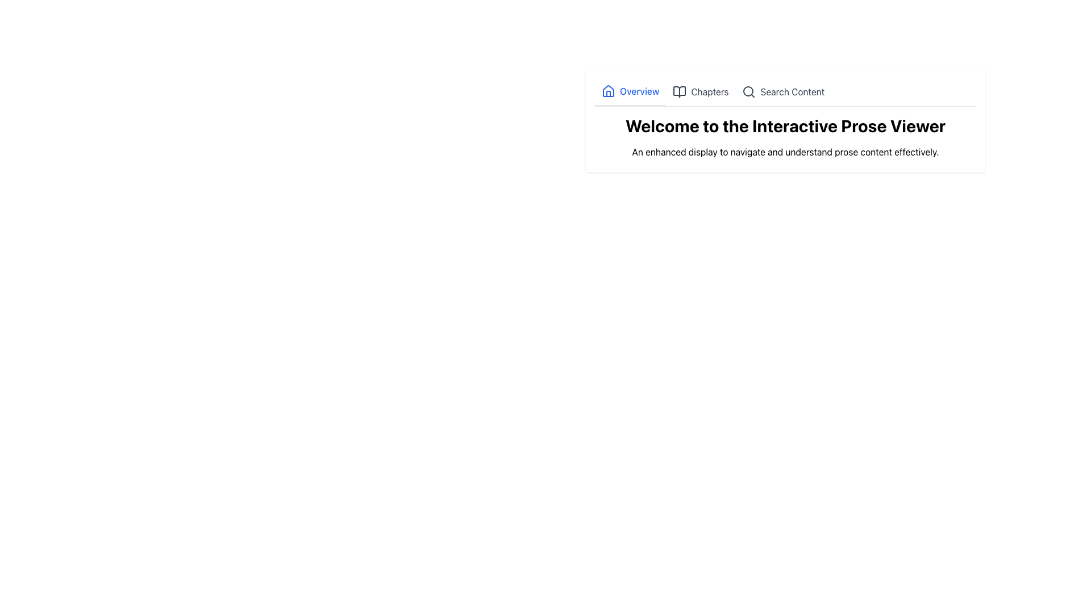  I want to click on the 'Chapters' text label, which is displayed in a serif-style font and is positioned next to an icon of an open book in the upper-center region of the interface, so click(709, 91).